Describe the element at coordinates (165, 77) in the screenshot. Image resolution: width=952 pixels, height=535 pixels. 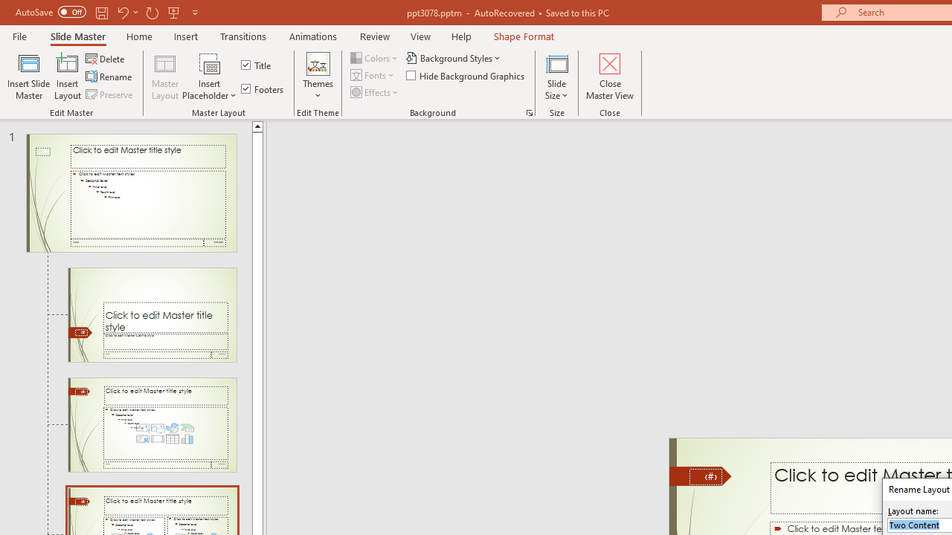
I see `'Master Layout...'` at that location.